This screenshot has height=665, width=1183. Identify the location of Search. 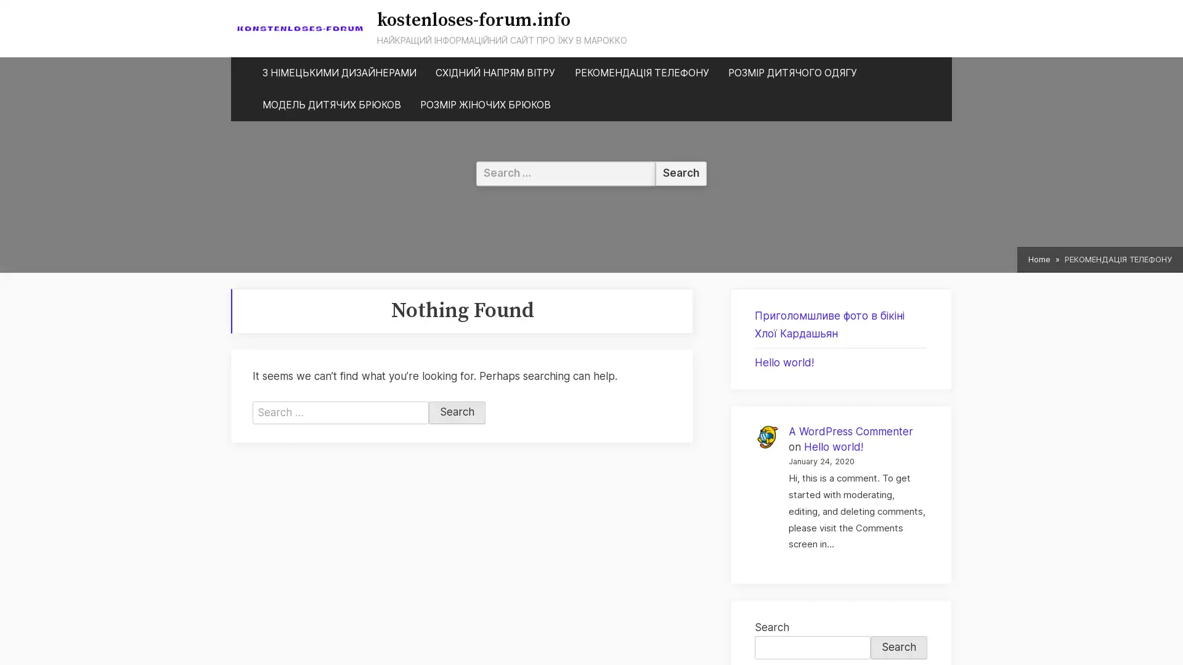
(457, 413).